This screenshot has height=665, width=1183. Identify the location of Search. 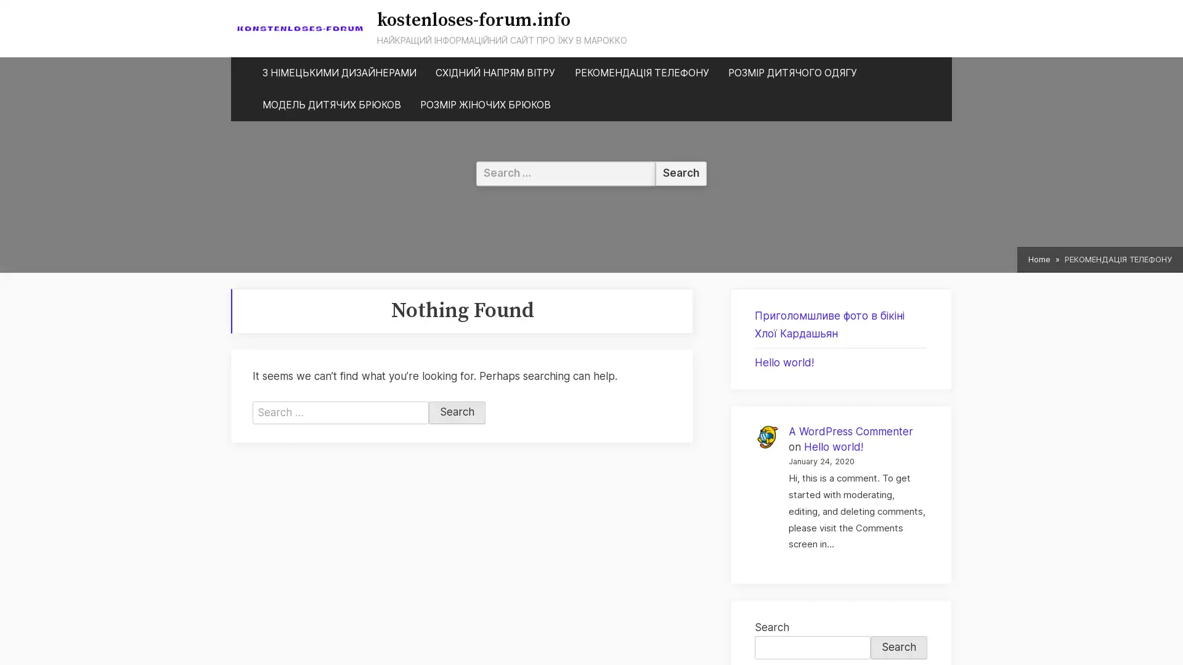
(457, 413).